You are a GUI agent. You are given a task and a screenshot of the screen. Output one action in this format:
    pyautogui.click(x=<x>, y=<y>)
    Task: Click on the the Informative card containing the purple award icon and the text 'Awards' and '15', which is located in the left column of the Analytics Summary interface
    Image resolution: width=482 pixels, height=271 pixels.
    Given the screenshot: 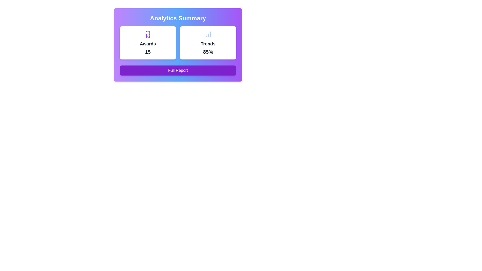 What is the action you would take?
    pyautogui.click(x=148, y=42)
    